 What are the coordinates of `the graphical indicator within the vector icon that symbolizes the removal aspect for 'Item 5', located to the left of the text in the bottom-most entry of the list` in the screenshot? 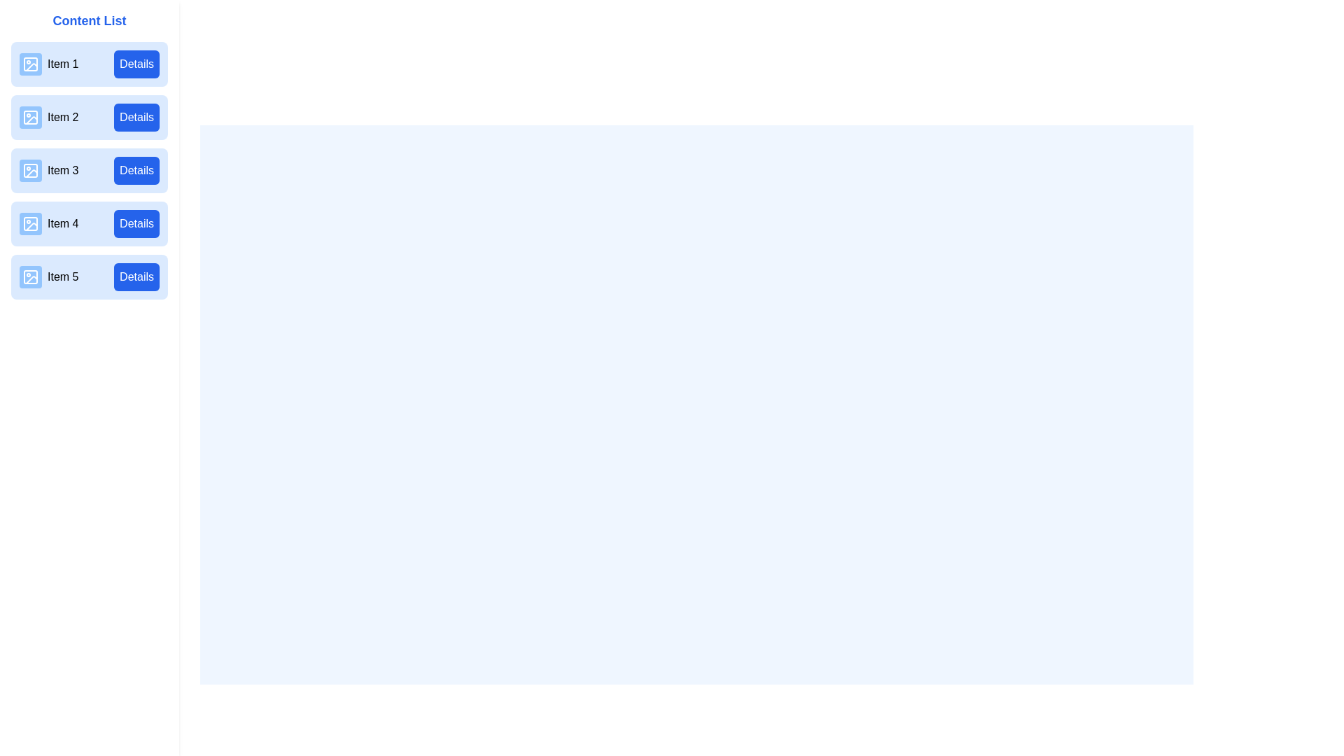 It's located at (31, 280).